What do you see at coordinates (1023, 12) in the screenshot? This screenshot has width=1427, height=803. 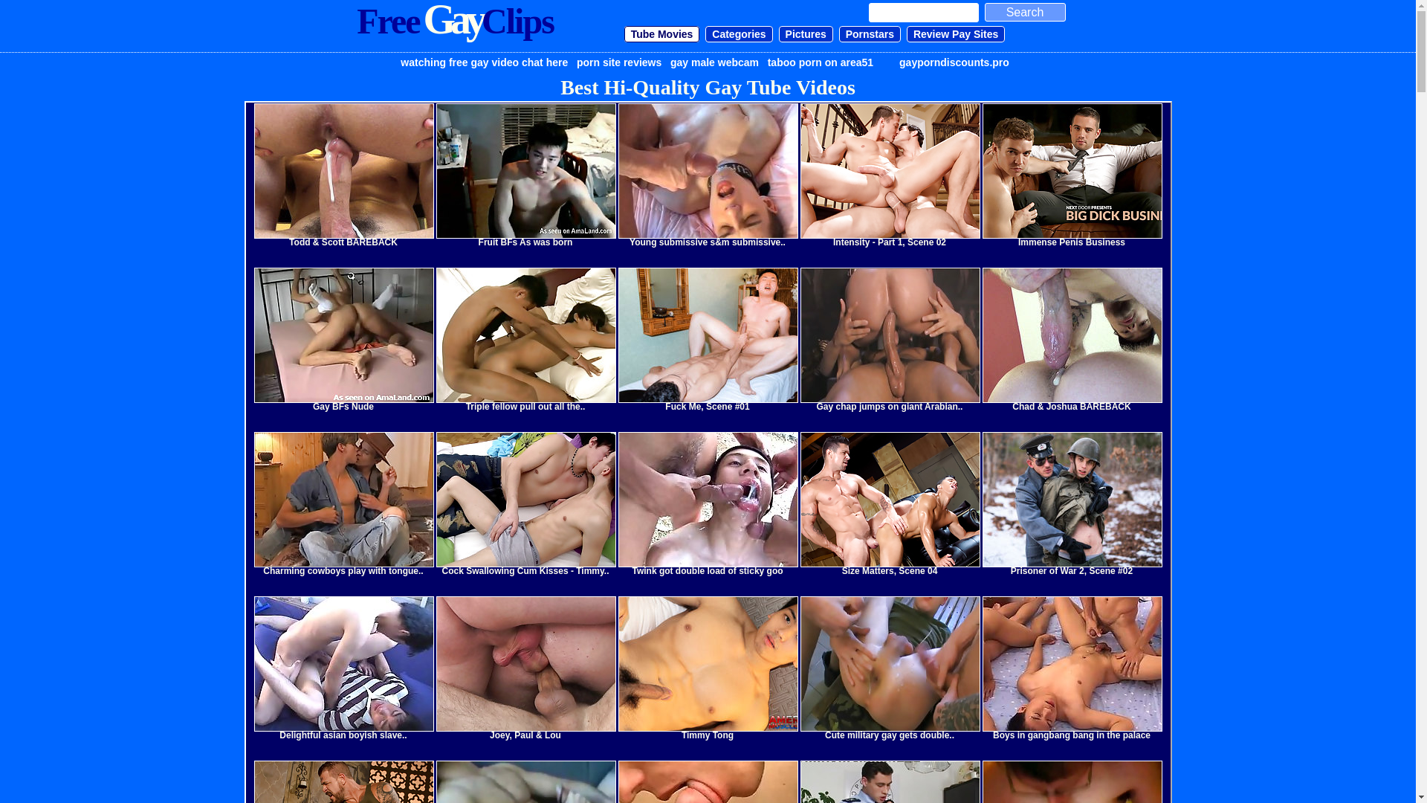 I see `'Search'` at bounding box center [1023, 12].